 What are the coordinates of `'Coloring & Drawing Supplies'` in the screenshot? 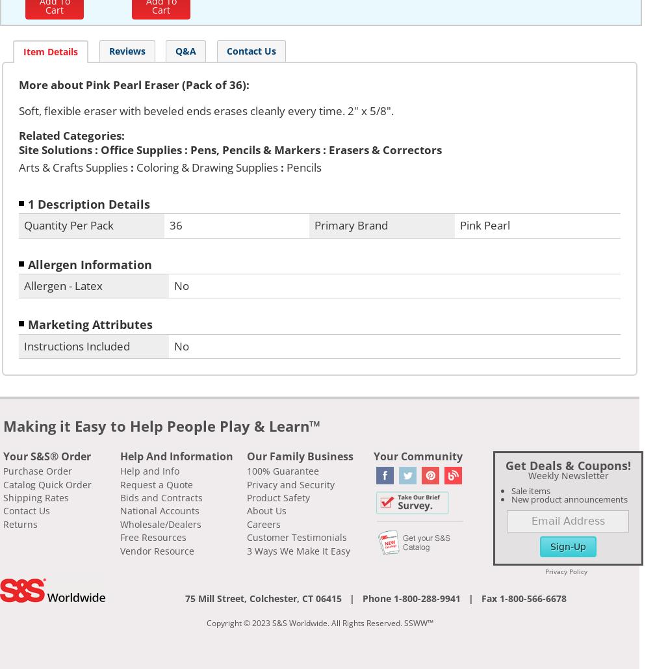 It's located at (207, 166).